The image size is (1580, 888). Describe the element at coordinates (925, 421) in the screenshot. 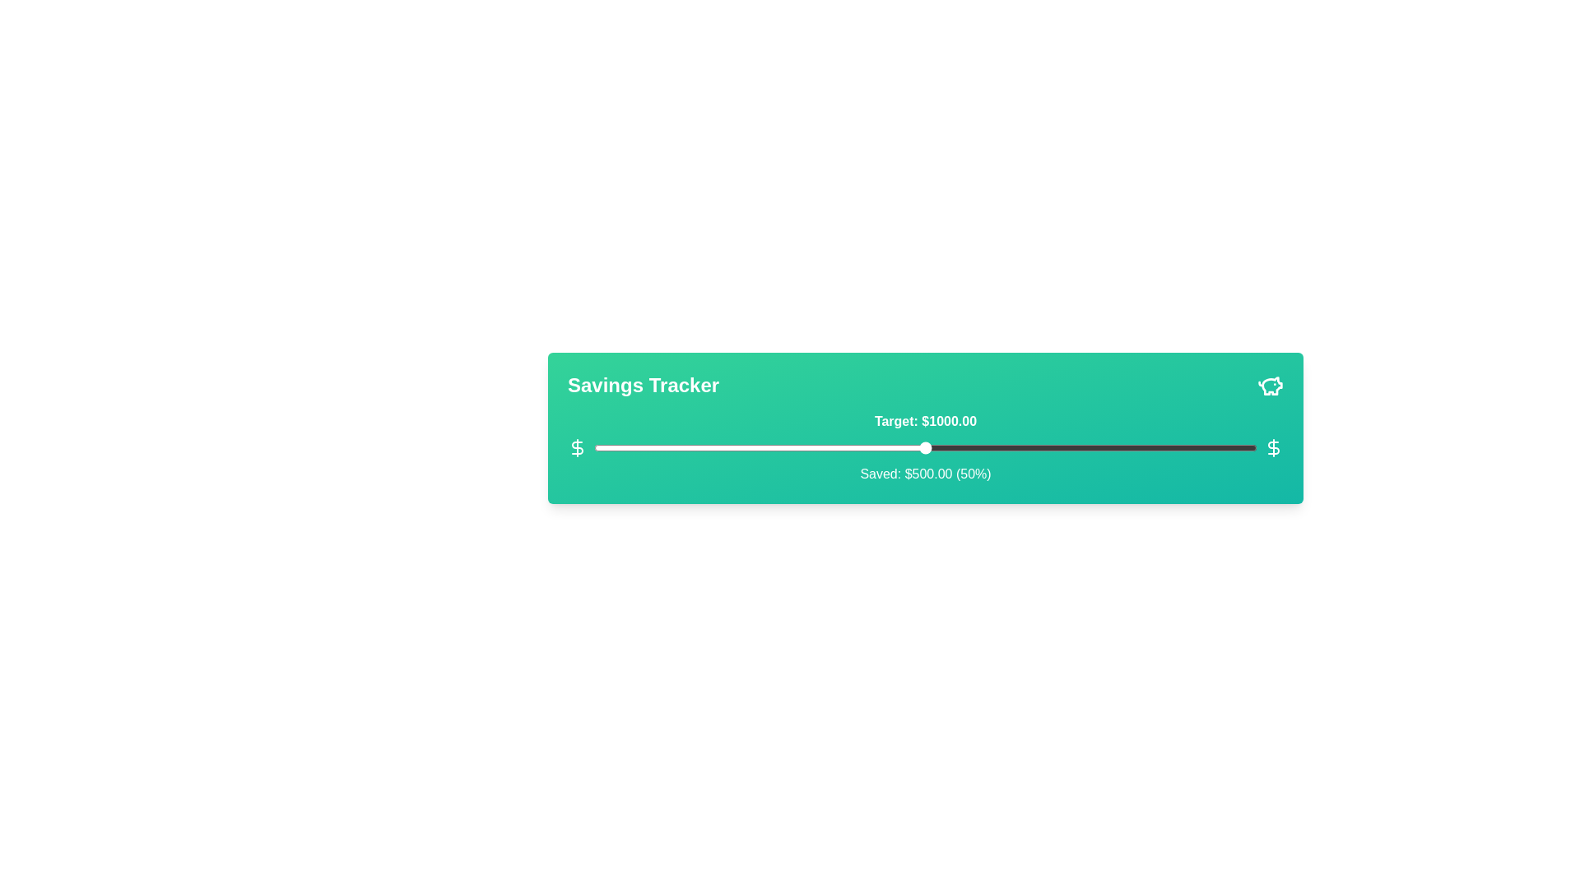

I see `the text label displaying 'Target: $1000.00' in bold white font on a green background, located at the upper part of the savings tracker interface` at that location.